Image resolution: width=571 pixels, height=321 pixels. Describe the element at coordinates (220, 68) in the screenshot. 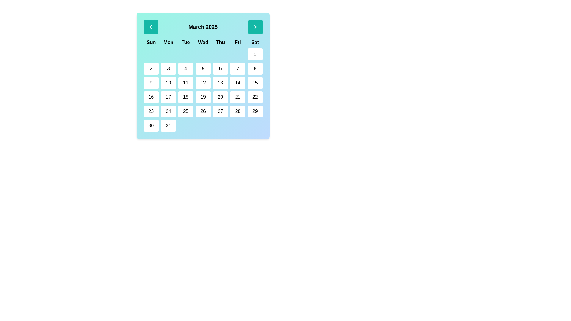

I see `the square button labeled '6' in the calendar's first row and sixth column` at that location.